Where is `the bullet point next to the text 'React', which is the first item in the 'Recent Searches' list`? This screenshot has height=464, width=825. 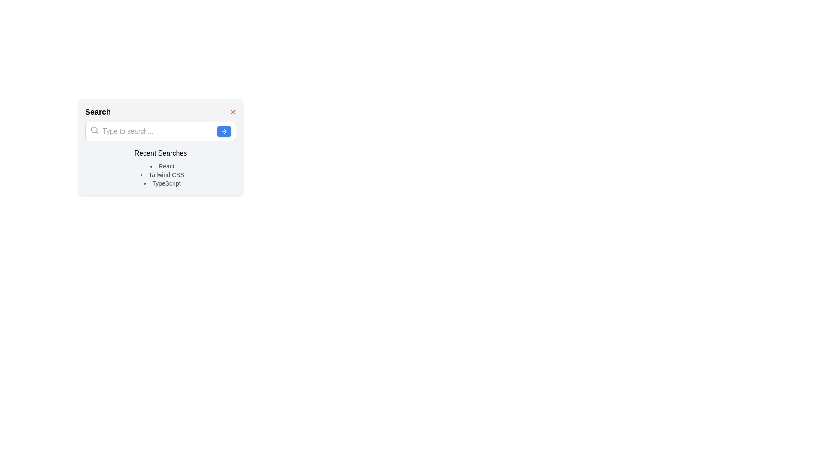 the bullet point next to the text 'React', which is the first item in the 'Recent Searches' list is located at coordinates (162, 166).